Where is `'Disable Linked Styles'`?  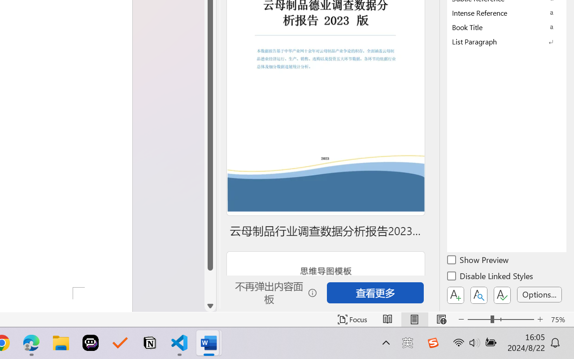 'Disable Linked Styles' is located at coordinates (491, 277).